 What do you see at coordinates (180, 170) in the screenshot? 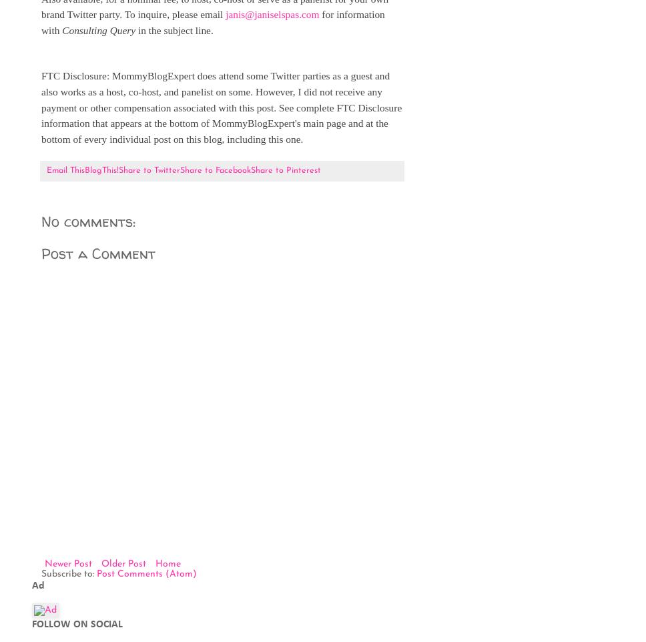
I see `'Share to Facebook'` at bounding box center [180, 170].